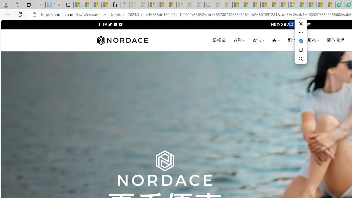  What do you see at coordinates (340, 5) in the screenshot?
I see `'LendingTree - Compare Lenders'` at bounding box center [340, 5].